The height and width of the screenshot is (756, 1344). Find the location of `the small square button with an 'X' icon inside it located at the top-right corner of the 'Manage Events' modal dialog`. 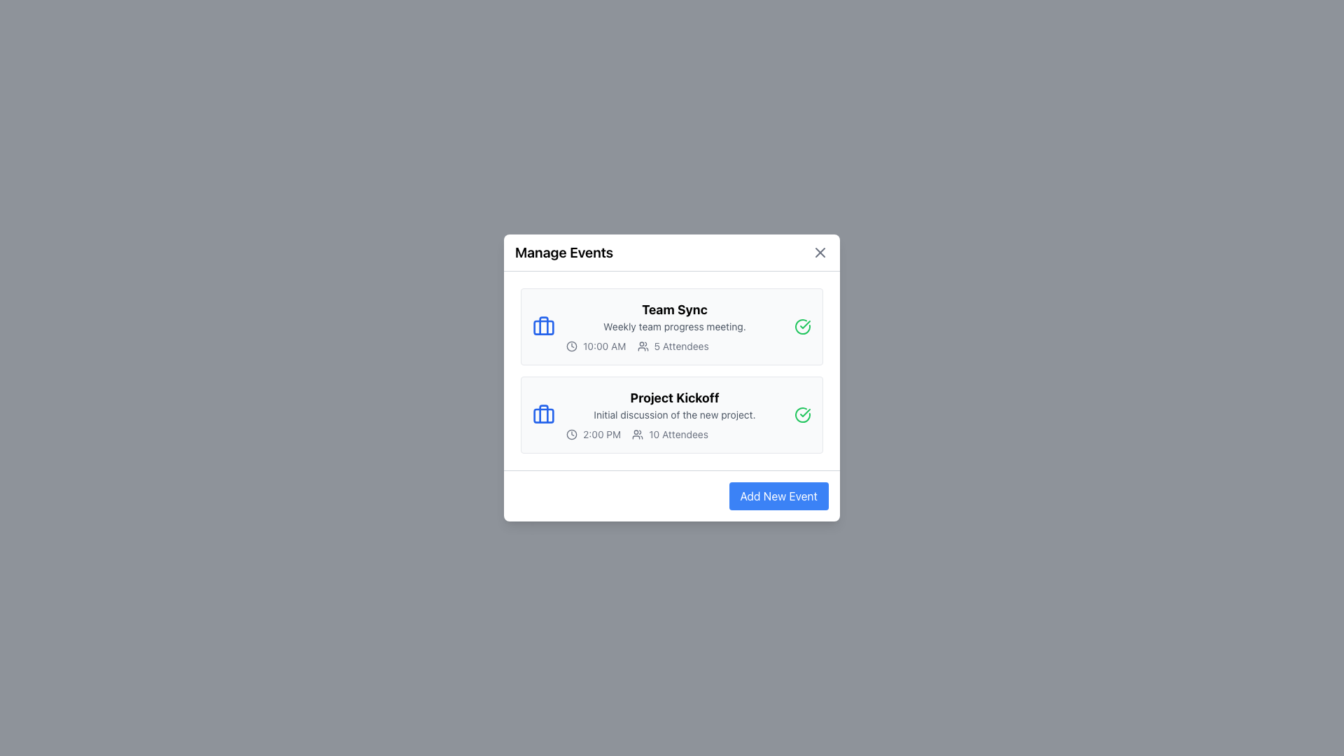

the small square button with an 'X' icon inside it located at the top-right corner of the 'Manage Events' modal dialog is located at coordinates (820, 253).